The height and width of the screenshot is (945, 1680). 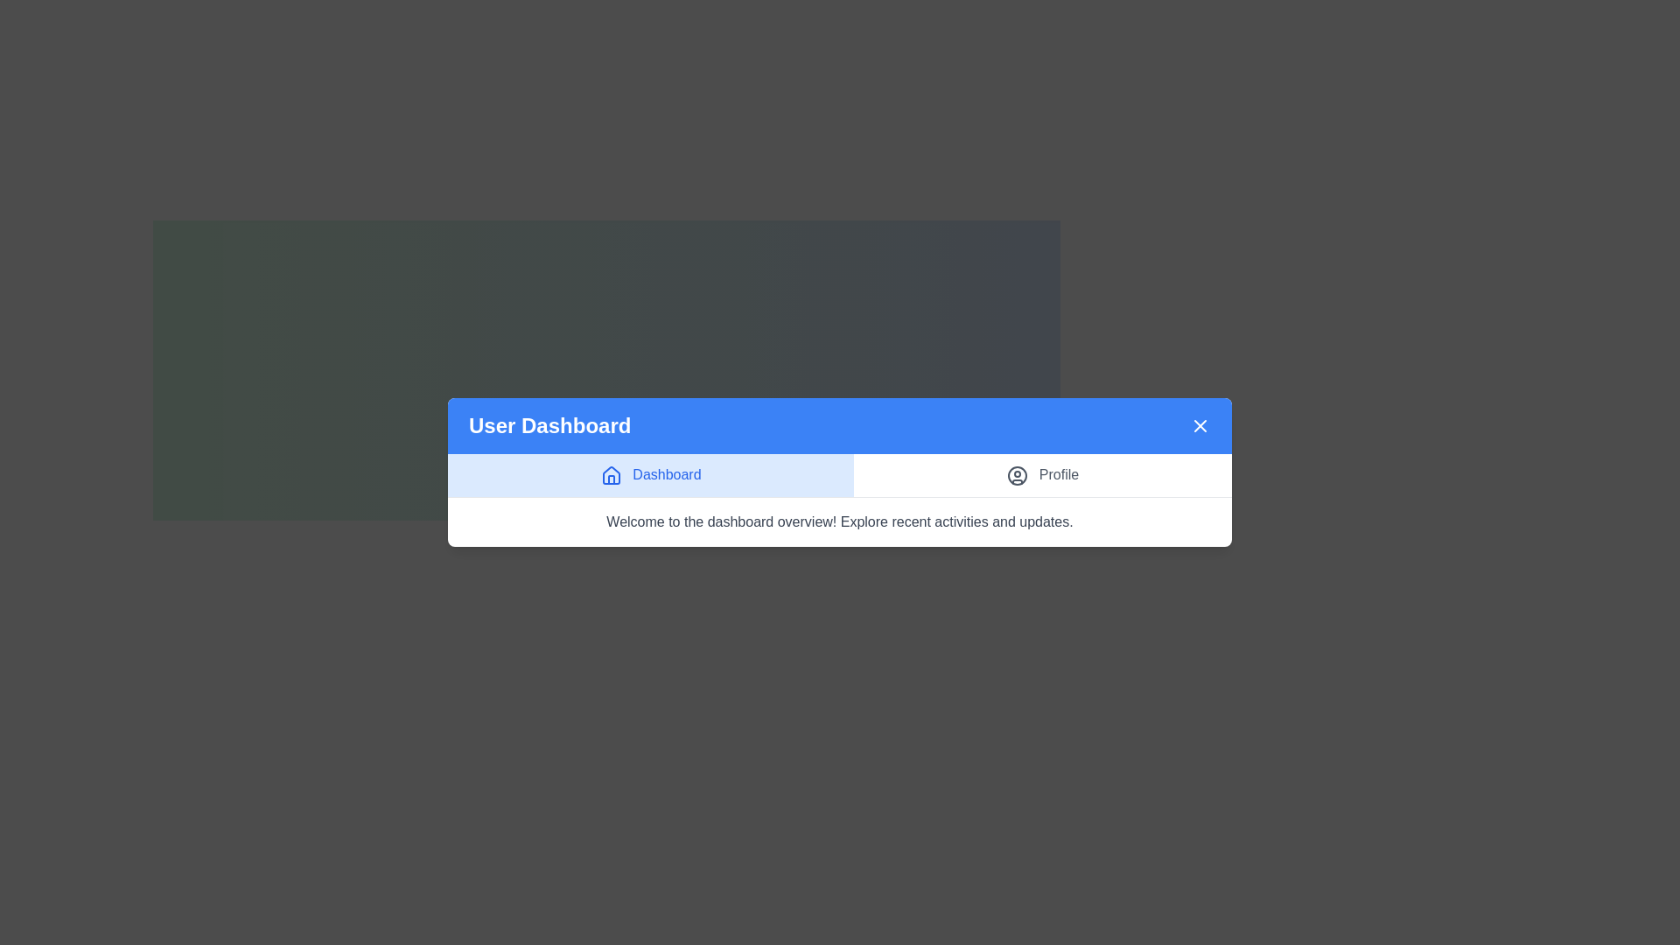 What do you see at coordinates (650, 475) in the screenshot?
I see `the 'Dashboard' tab button, which is styled as a tab with a house icon and is the first tab in the menu` at bounding box center [650, 475].